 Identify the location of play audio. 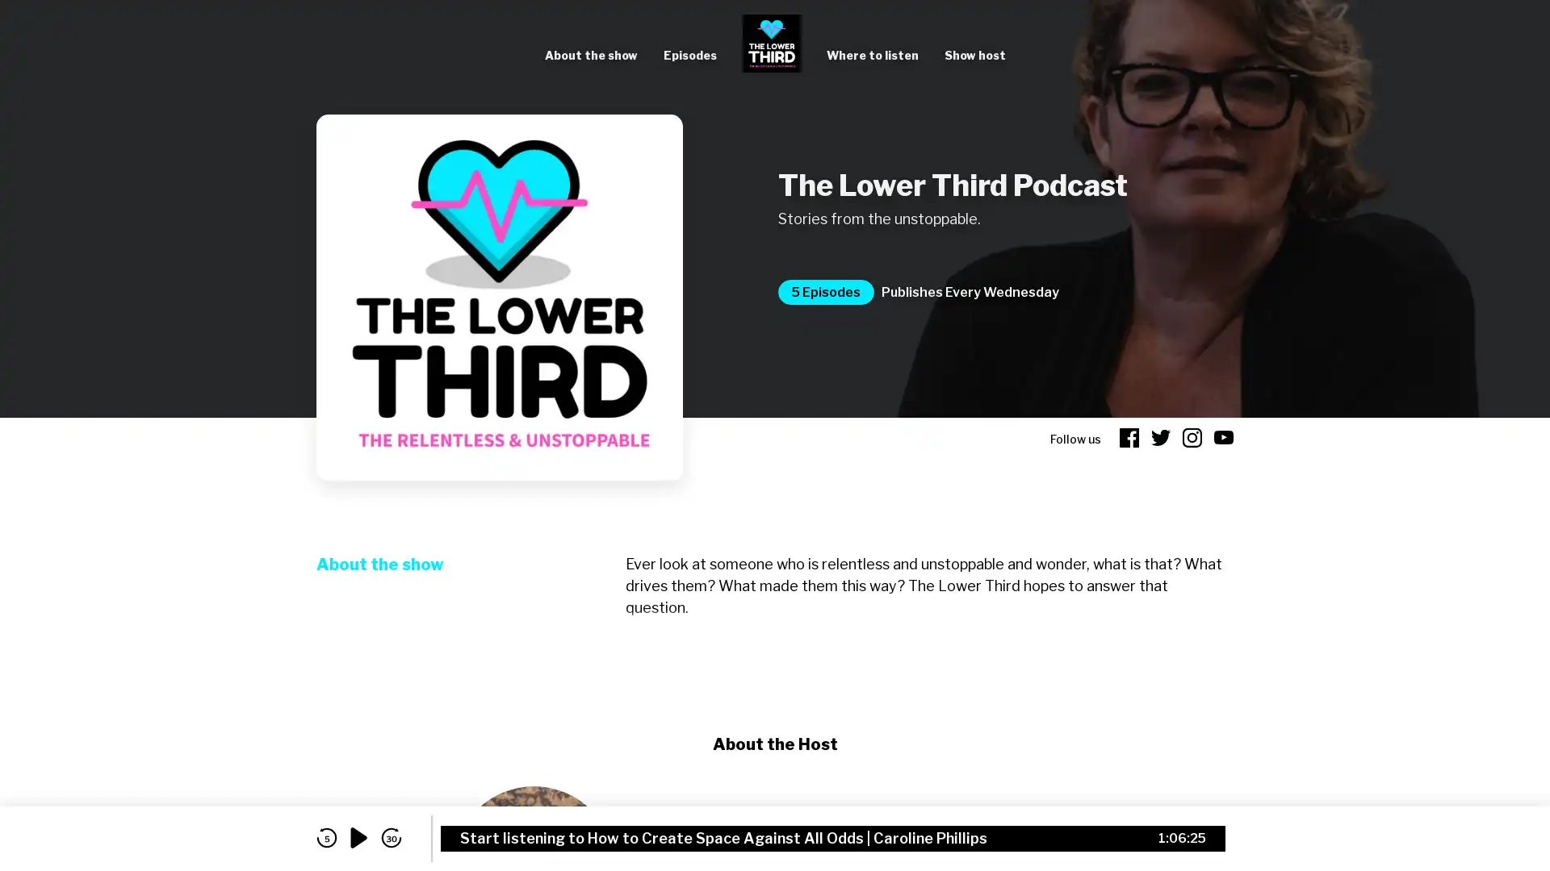
(358, 837).